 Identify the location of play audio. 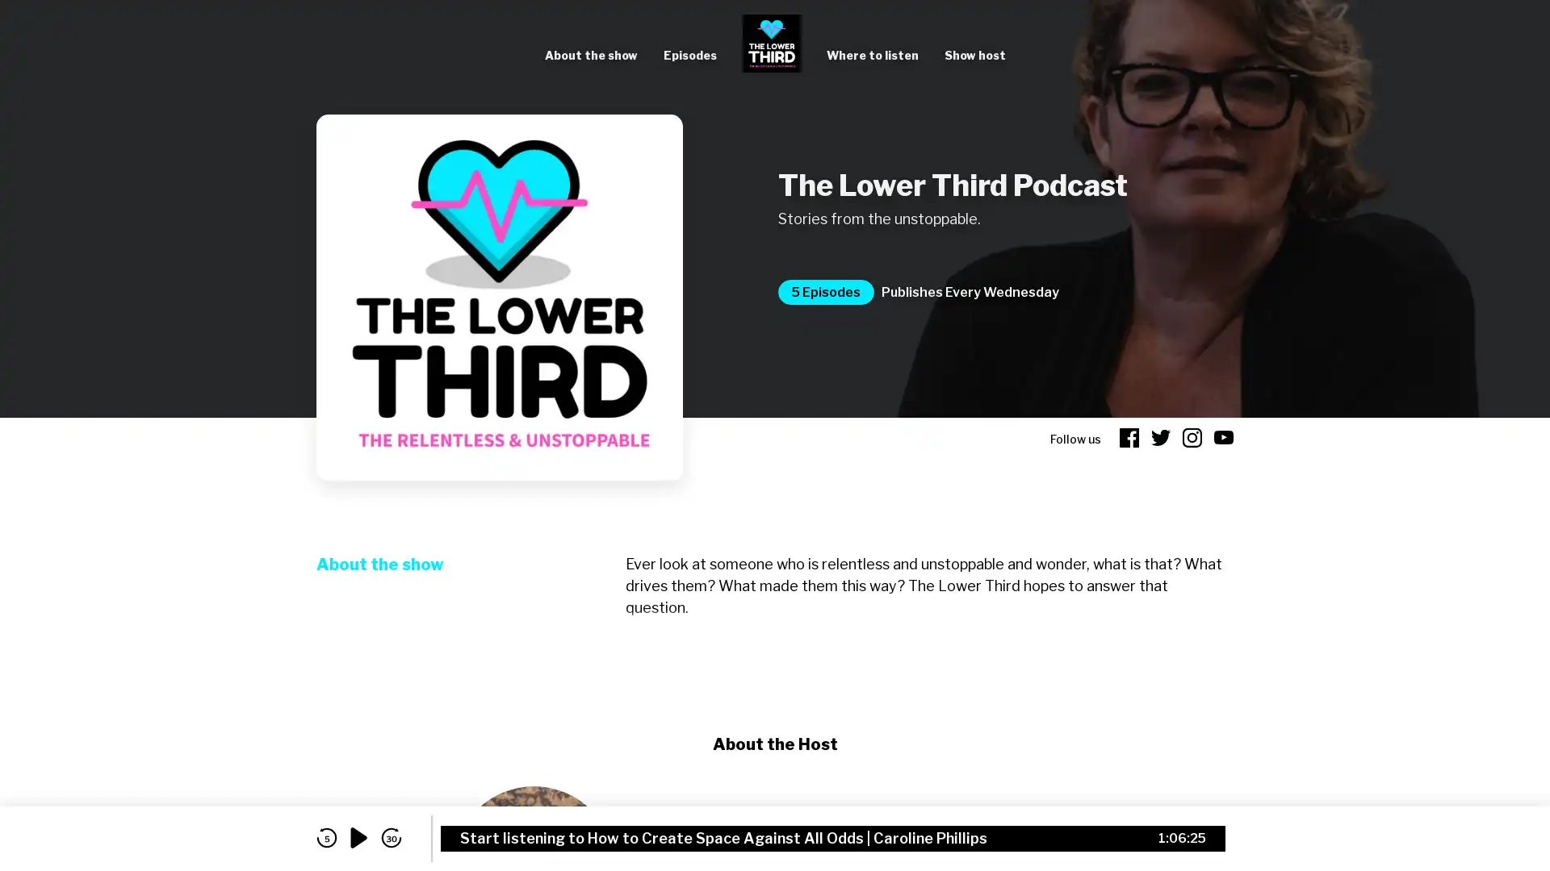
(358, 837).